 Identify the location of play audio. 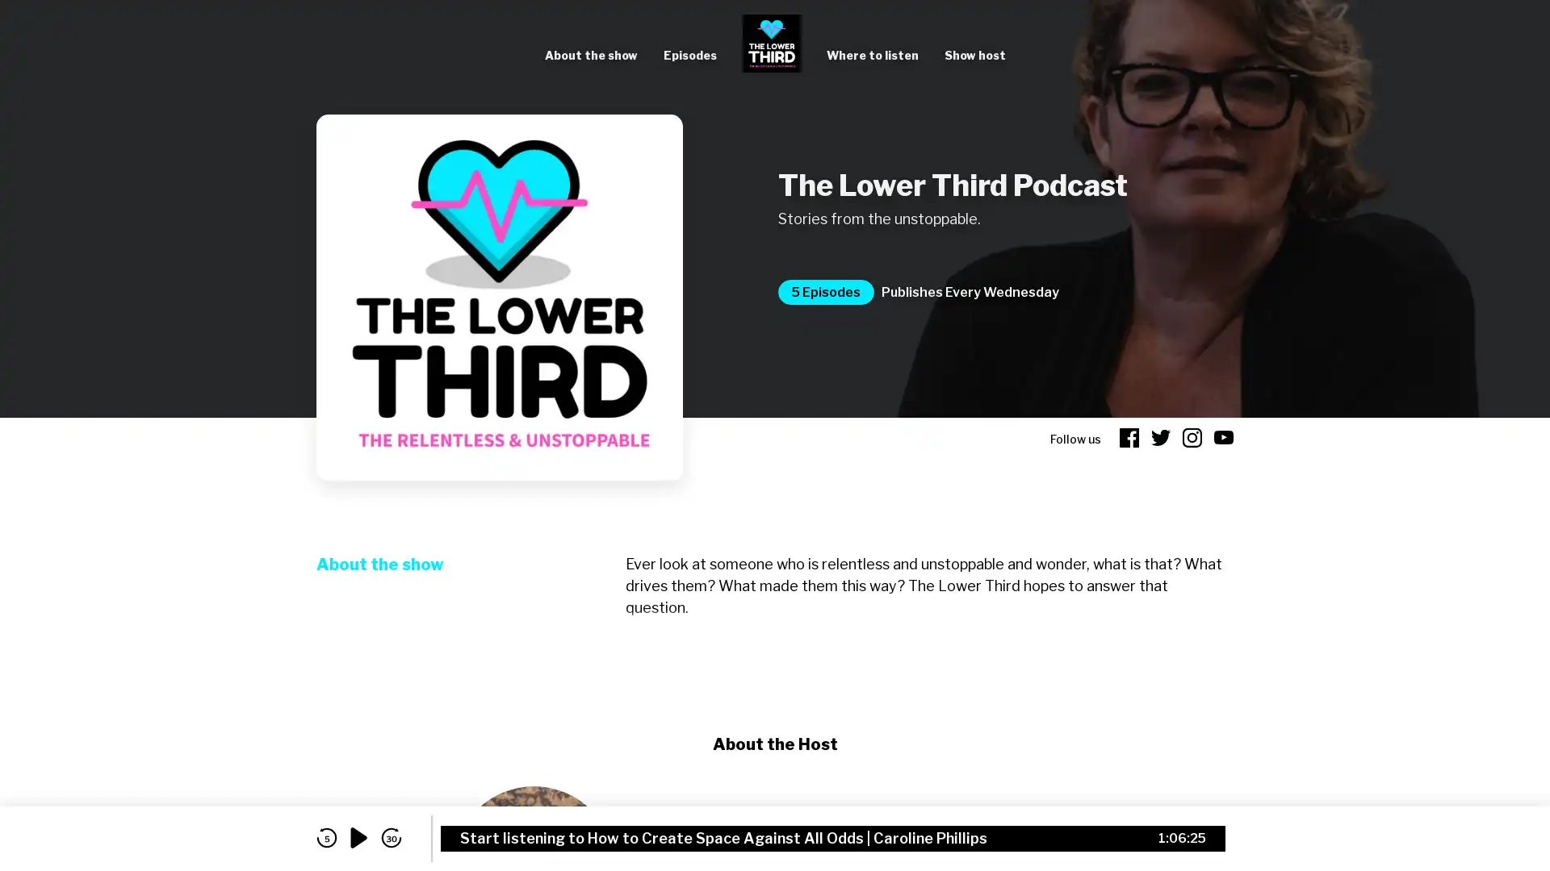
(358, 837).